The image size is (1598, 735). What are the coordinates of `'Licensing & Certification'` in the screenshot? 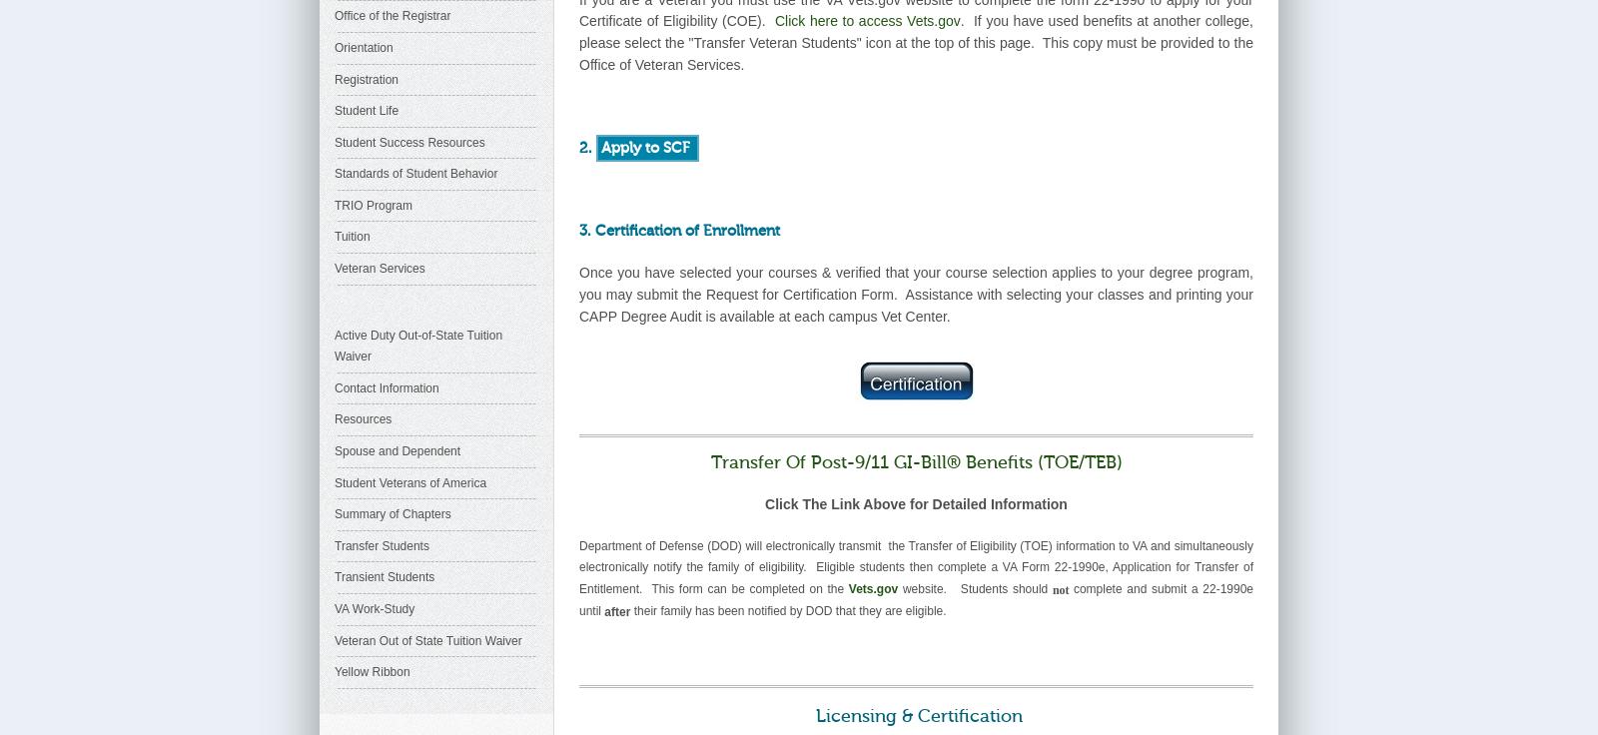 It's located at (912, 714).